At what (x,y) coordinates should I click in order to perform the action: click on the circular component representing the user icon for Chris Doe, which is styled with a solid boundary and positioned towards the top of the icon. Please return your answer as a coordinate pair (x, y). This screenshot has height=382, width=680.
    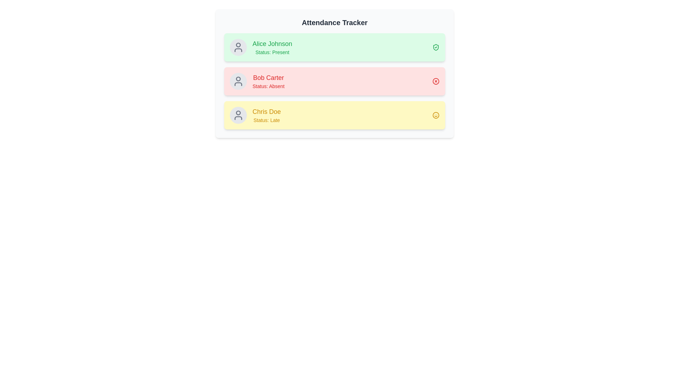
    Looking at the image, I should click on (238, 112).